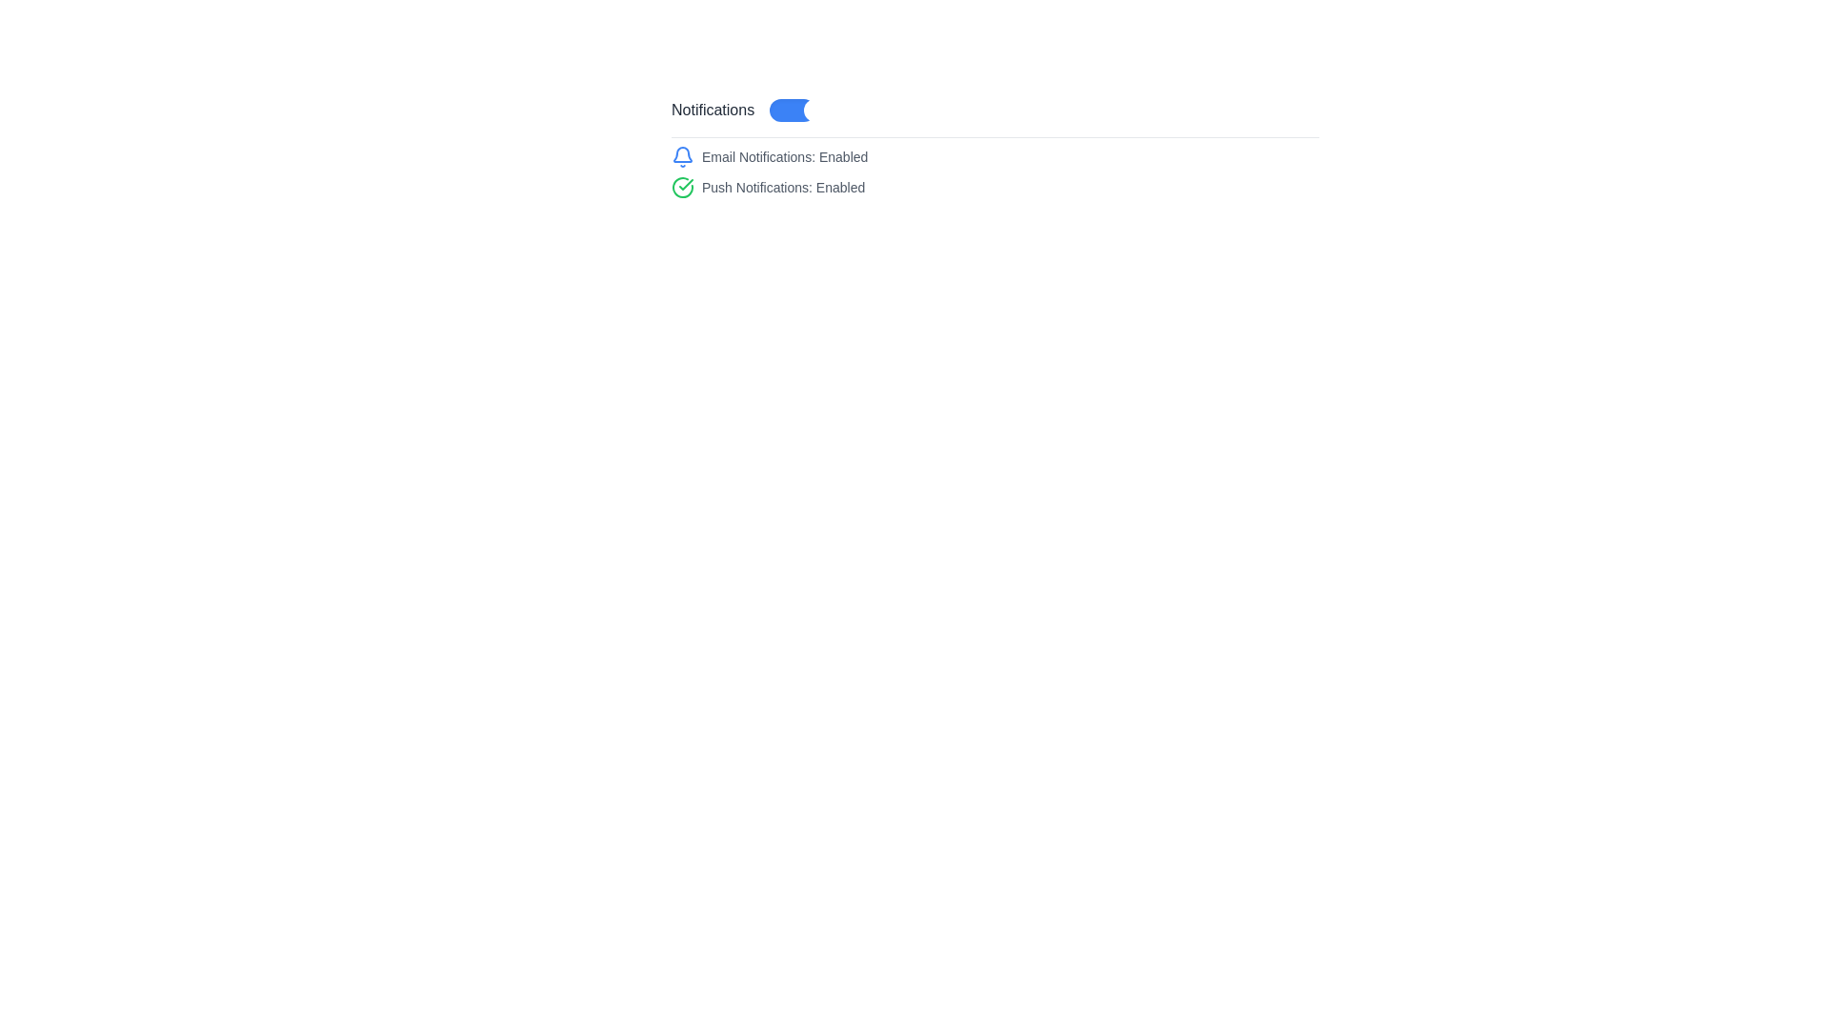 The image size is (1829, 1029). Describe the element at coordinates (995, 147) in the screenshot. I see `the toggle switch in the Settings Panel to change the notification settings state` at that location.